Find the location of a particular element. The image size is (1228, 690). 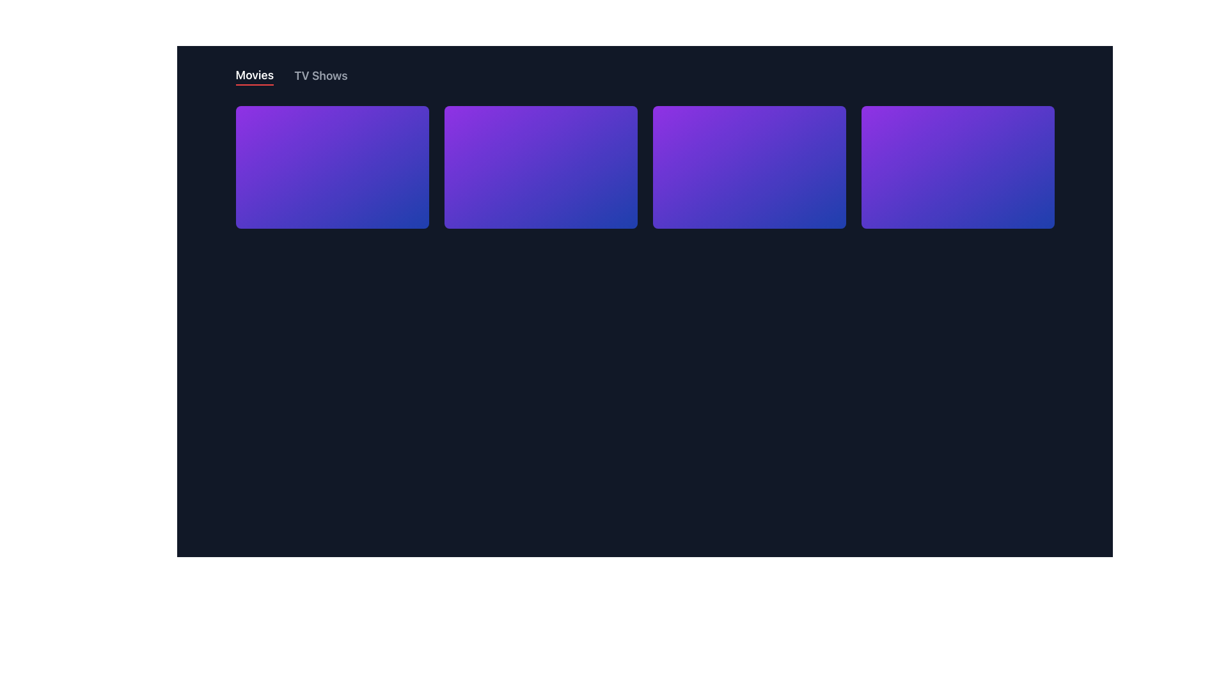

on the Card with vibrant gradient transitioning from purple is located at coordinates (540, 187).